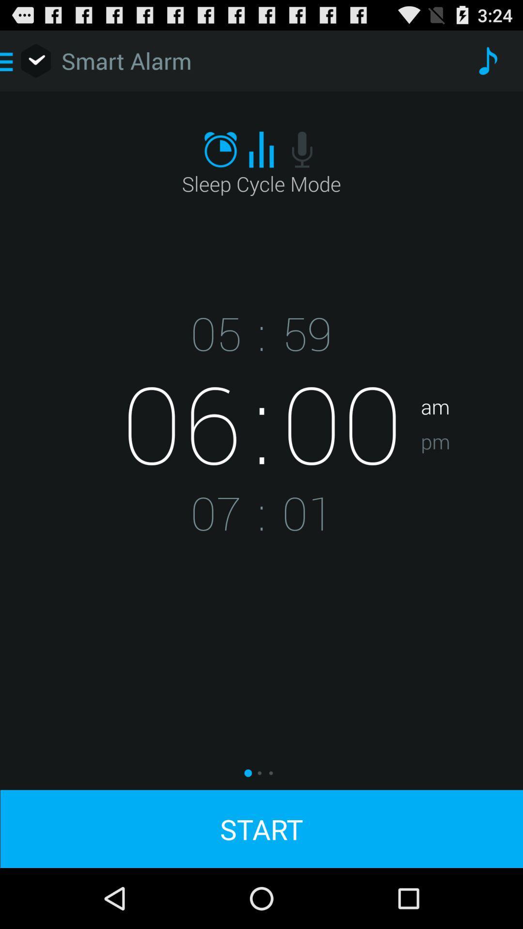  Describe the element at coordinates (471, 472) in the screenshot. I see `the icon below the am icon` at that location.